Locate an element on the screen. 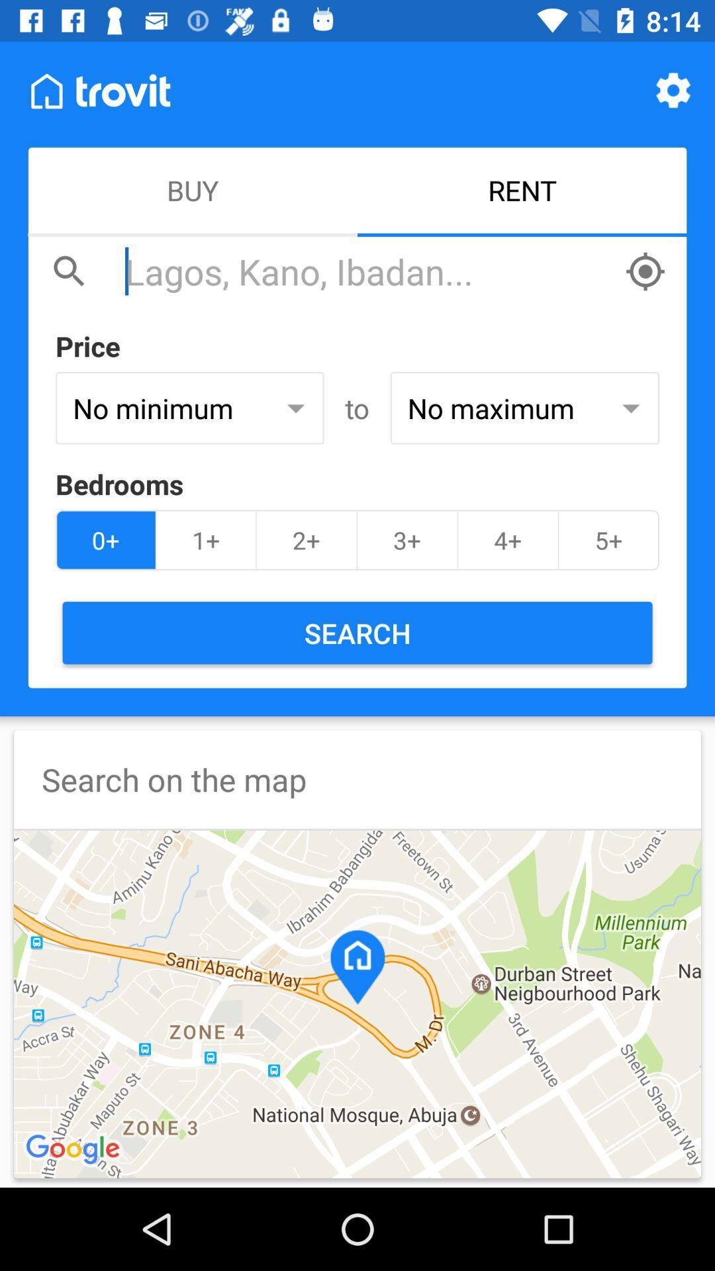 The image size is (715, 1271). tap on the text rent shown right to buy is located at coordinates (522, 191).